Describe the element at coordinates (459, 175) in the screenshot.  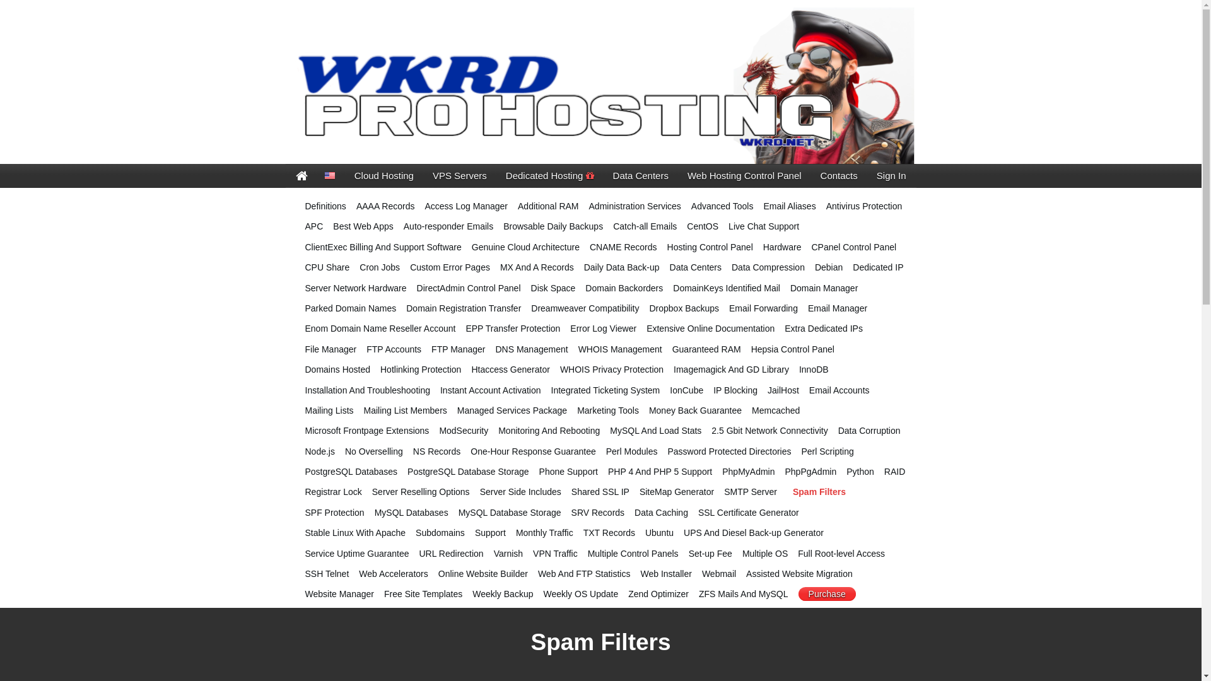
I see `'VPS Servers'` at that location.